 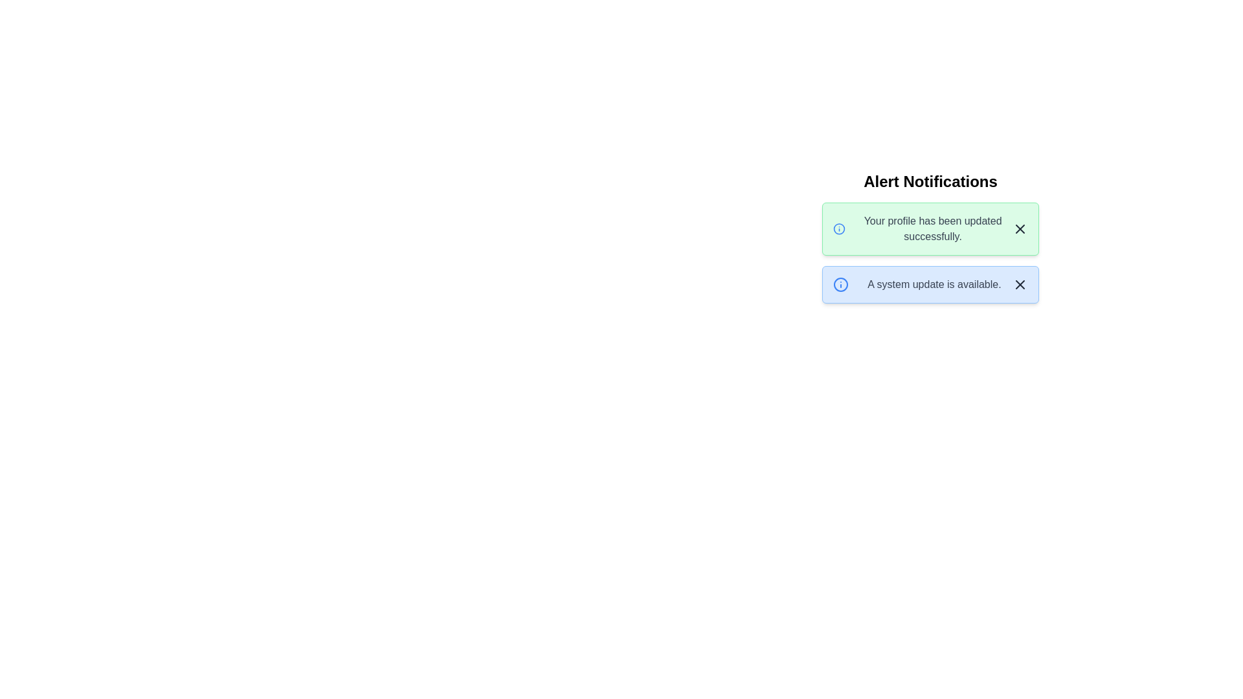 I want to click on the circular information icon with a blue outline, located to the left of the text 'A system update is available,', so click(x=841, y=283).